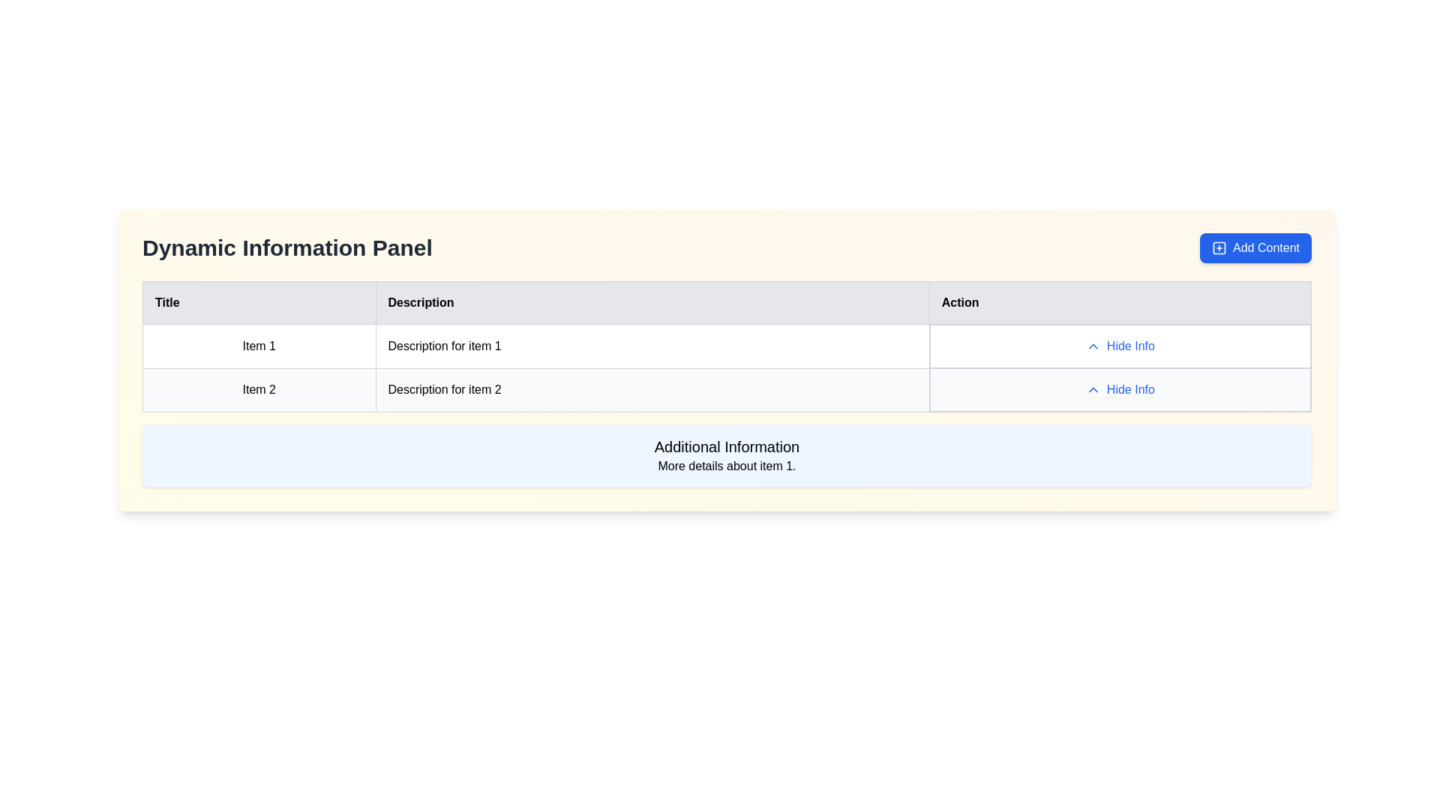 The height and width of the screenshot is (810, 1440). Describe the element at coordinates (1093, 389) in the screenshot. I see `the chevron icon located to the left of the text 'Hide Info' in the third column of the 'Action' section in the second row of the panel` at that location.